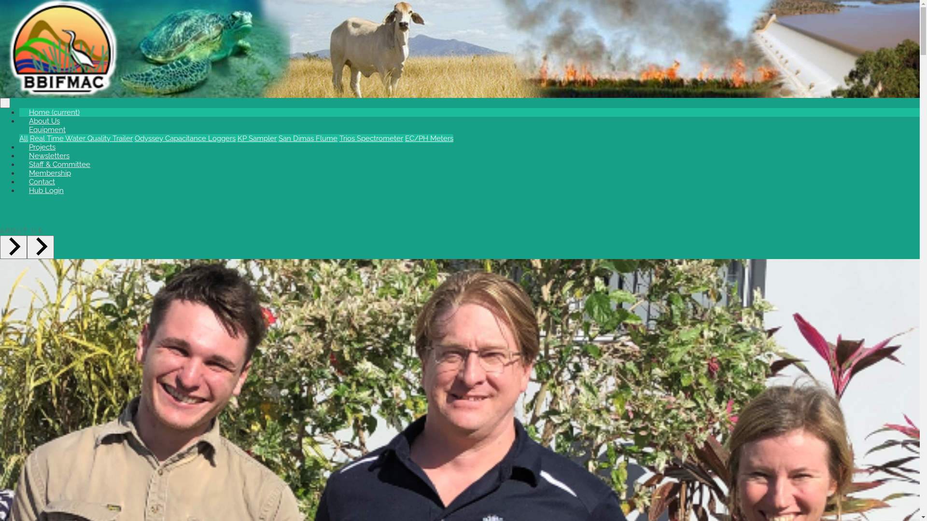 The height and width of the screenshot is (521, 927). Describe the element at coordinates (23, 138) in the screenshot. I see `'All'` at that location.